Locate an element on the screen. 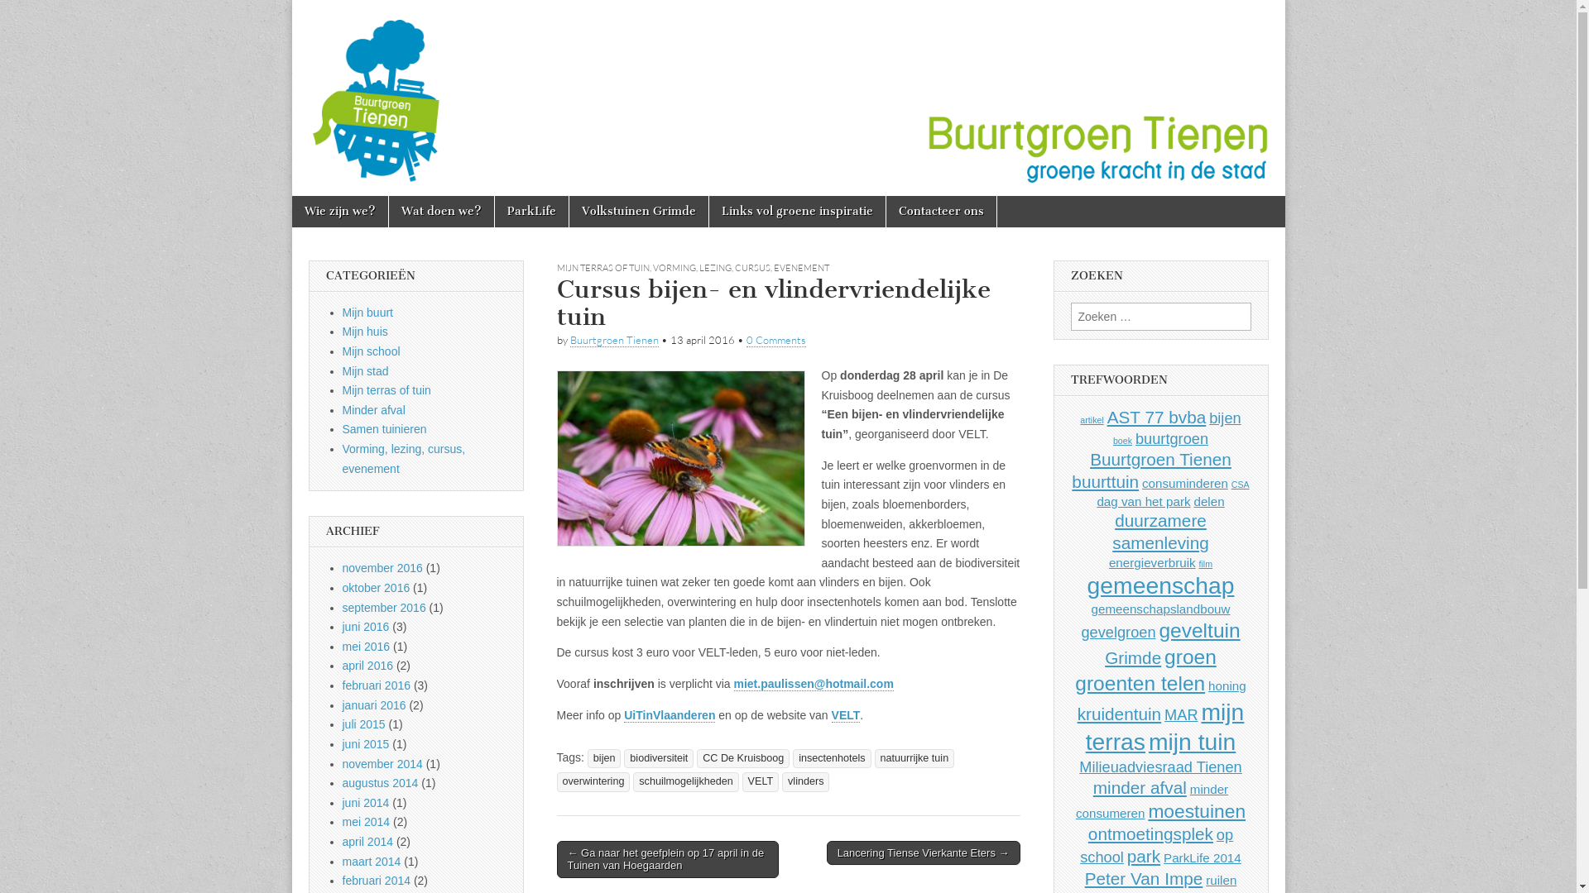 The width and height of the screenshot is (1589, 893). 'boek' is located at coordinates (1122, 439).